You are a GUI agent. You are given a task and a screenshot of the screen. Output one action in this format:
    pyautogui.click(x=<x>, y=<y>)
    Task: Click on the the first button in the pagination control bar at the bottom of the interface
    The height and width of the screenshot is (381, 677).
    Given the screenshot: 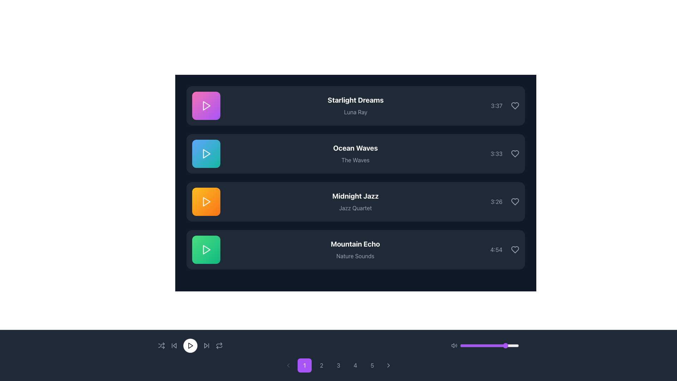 What is the action you would take?
    pyautogui.click(x=305, y=365)
    